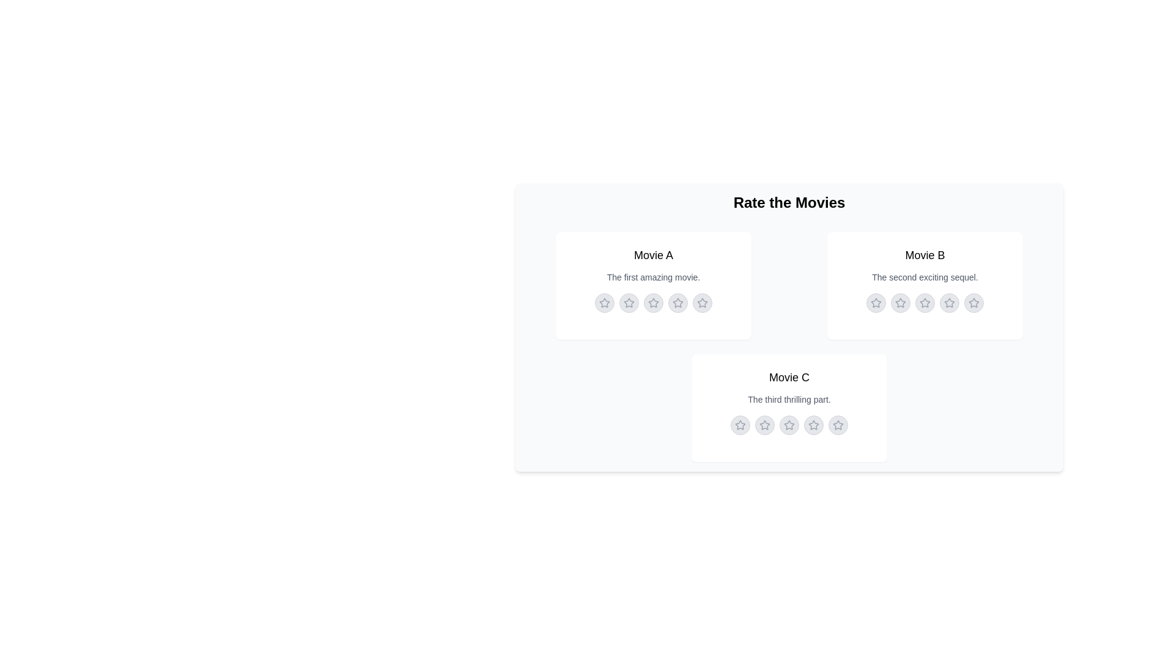  What do you see at coordinates (876, 302) in the screenshot?
I see `the first Rating star icon to give focus for rating 'Movie B'` at bounding box center [876, 302].